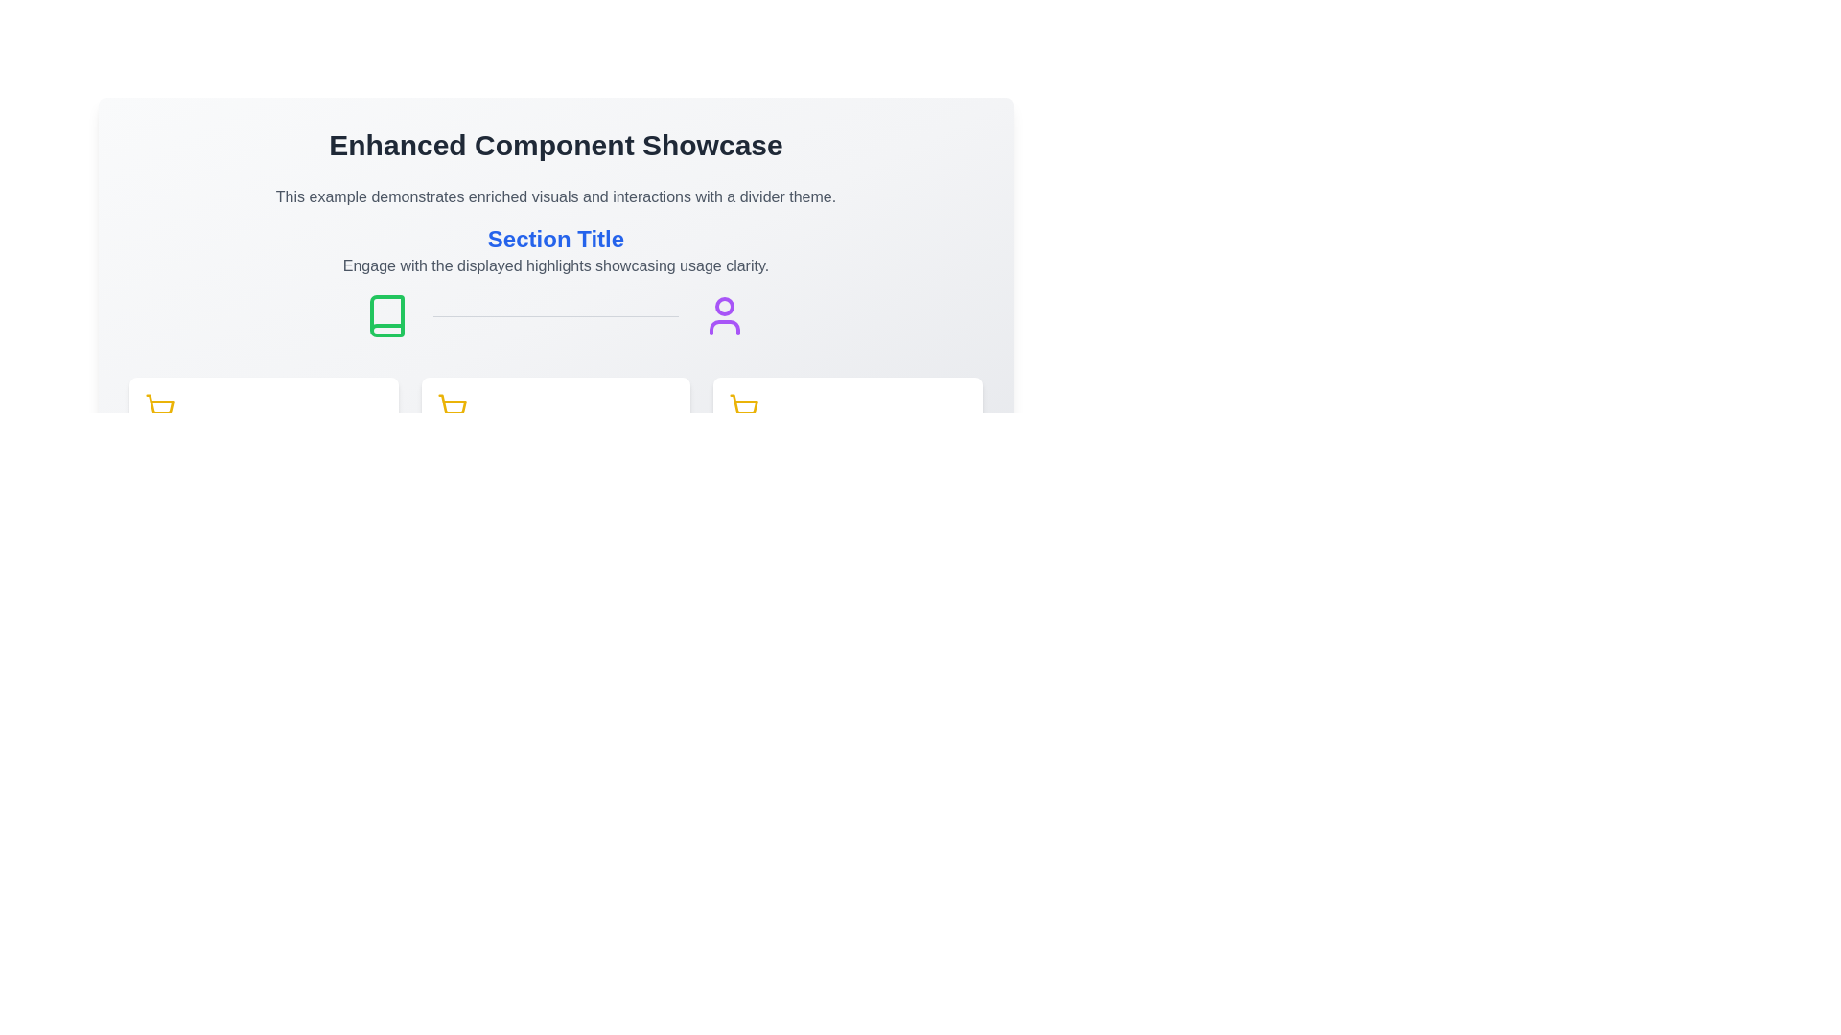 The height and width of the screenshot is (1035, 1841). Describe the element at coordinates (385, 315) in the screenshot. I see `the book icon located centrally below the 'Section Title'` at that location.